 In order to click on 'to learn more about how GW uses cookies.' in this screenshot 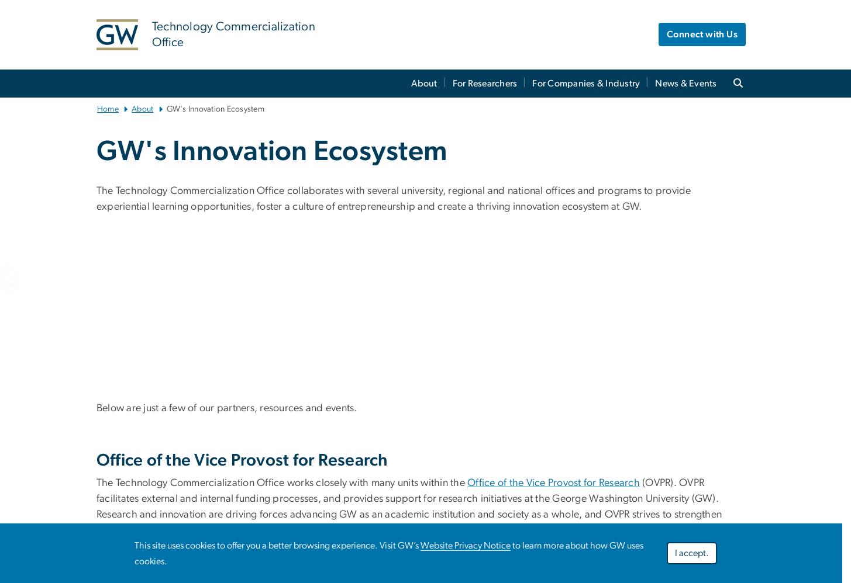, I will do `click(134, 553)`.